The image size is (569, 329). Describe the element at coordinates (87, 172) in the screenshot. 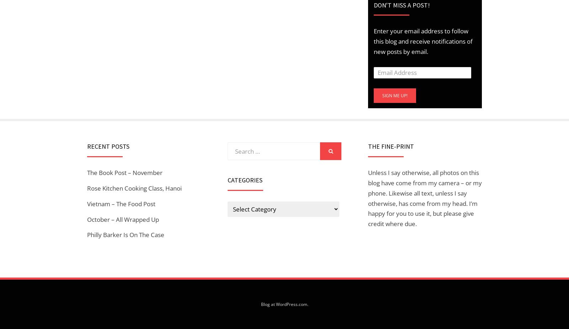

I see `'The Book Post – November'` at that location.